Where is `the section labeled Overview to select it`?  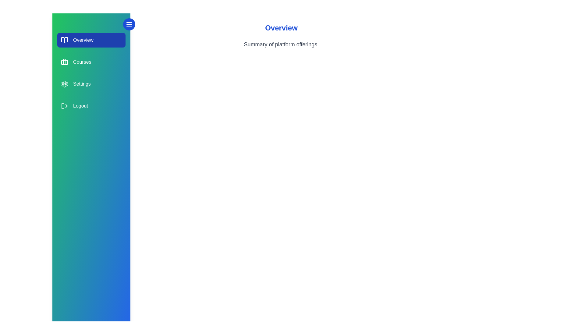
the section labeled Overview to select it is located at coordinates (91, 40).